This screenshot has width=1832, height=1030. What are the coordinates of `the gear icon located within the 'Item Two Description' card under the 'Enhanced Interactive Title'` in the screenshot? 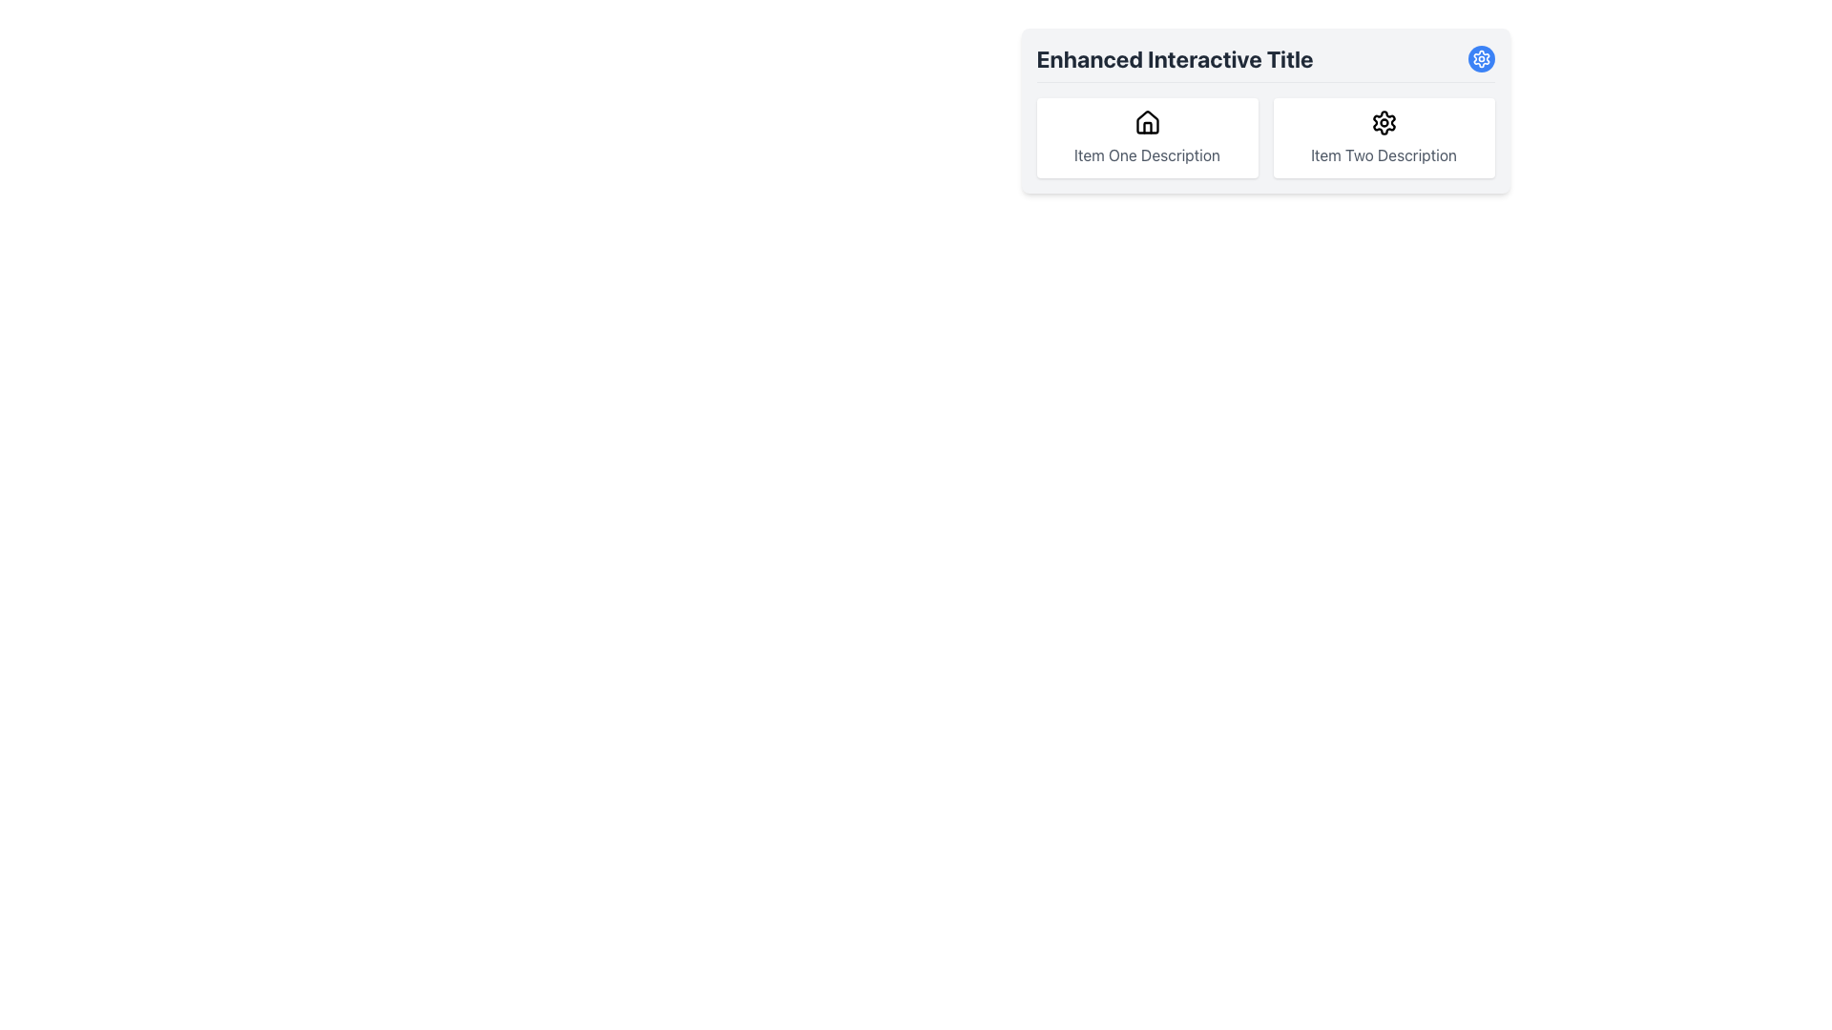 It's located at (1384, 122).